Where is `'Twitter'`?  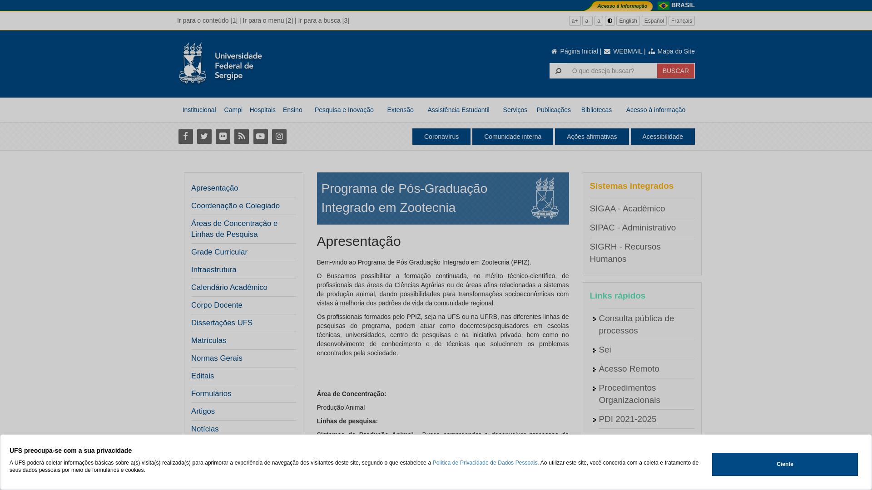
'Twitter' is located at coordinates (203, 136).